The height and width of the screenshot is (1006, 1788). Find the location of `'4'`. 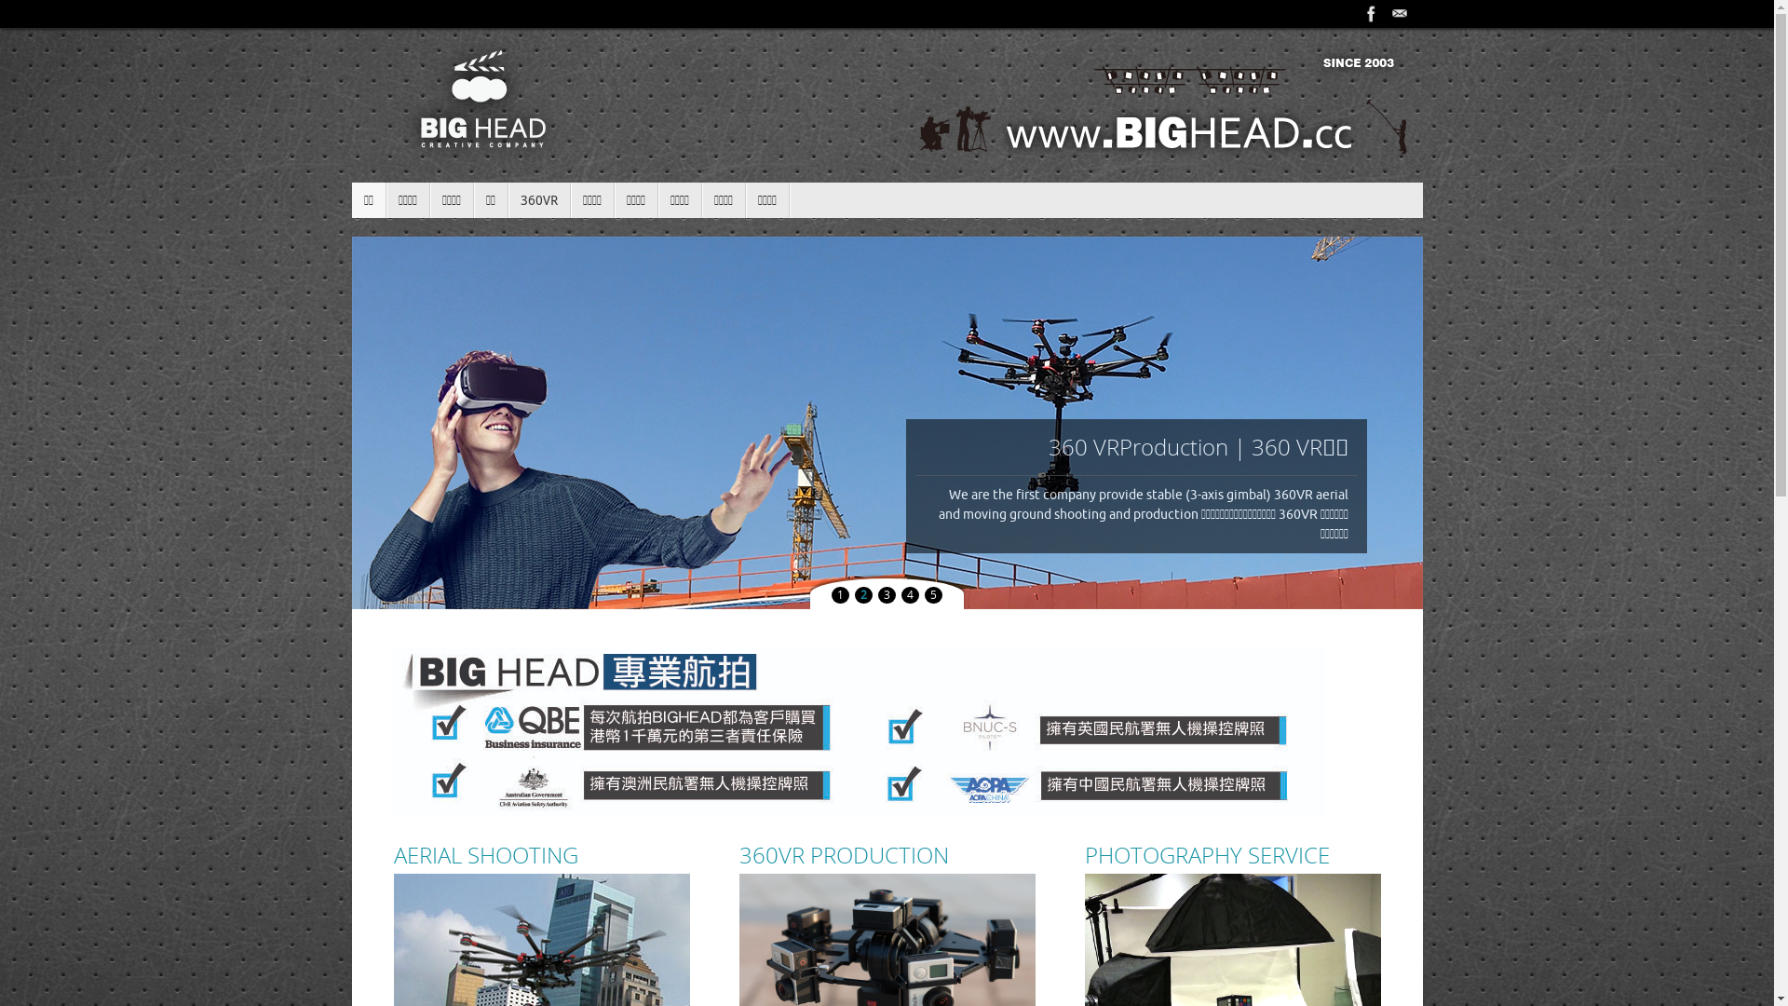

'4' is located at coordinates (910, 595).